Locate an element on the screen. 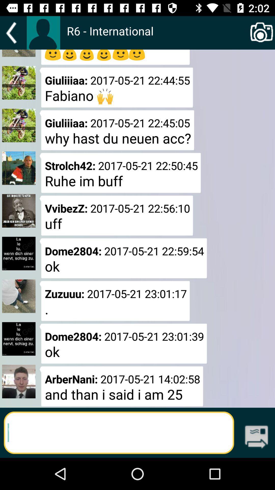 This screenshot has height=490, width=275. because back devicer is located at coordinates (43, 32).